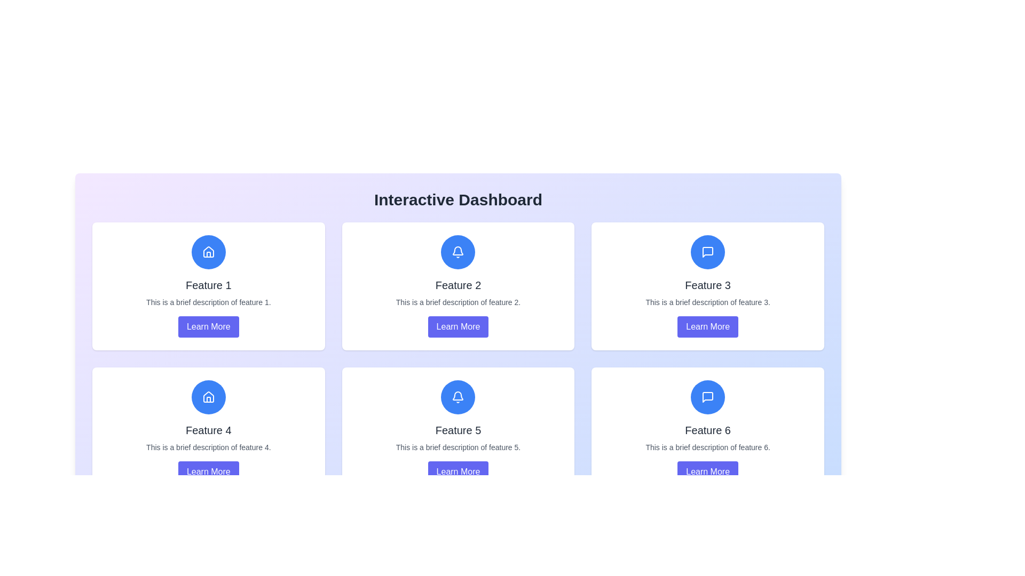 Image resolution: width=1025 pixels, height=576 pixels. Describe the element at coordinates (208, 252) in the screenshot. I see `the house icon located in the upper-left quadrant of the interface, above the 'Feature 4' label within the 'Feature 4' card component` at that location.